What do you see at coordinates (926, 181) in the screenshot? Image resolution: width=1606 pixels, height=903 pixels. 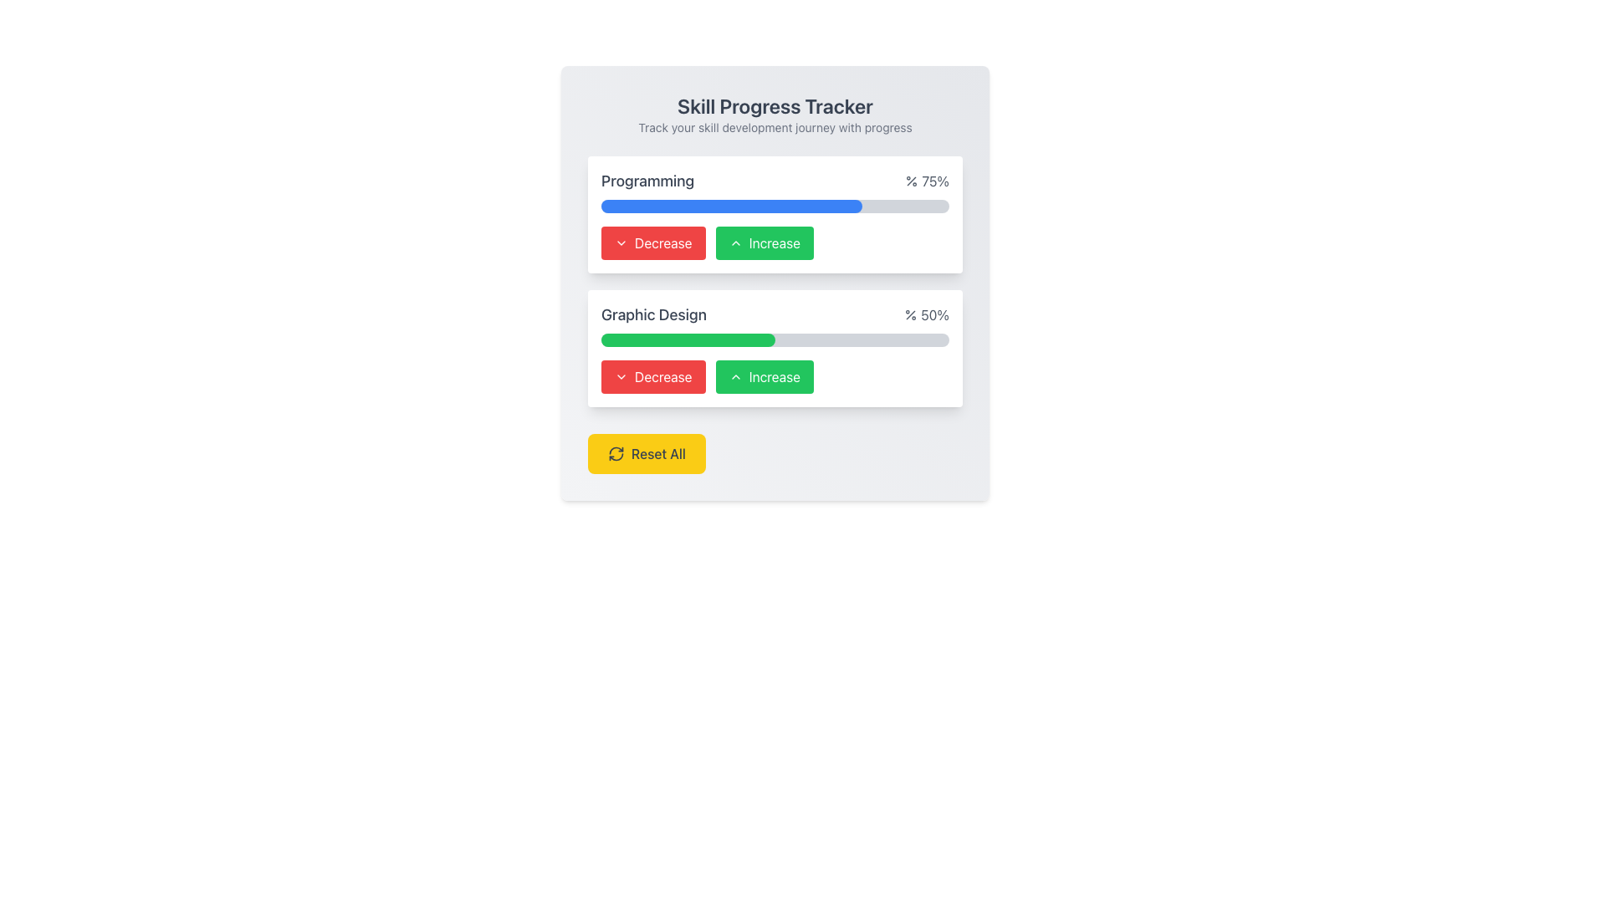 I see `the progress percentage text label displaying '75%' located in the top-right corner of the Programming section, adjacent to the blue progress bar and percentage symbol icon` at bounding box center [926, 181].